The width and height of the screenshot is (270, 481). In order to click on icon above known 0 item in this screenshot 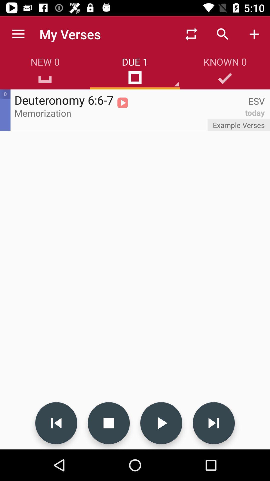, I will do `click(254, 34)`.